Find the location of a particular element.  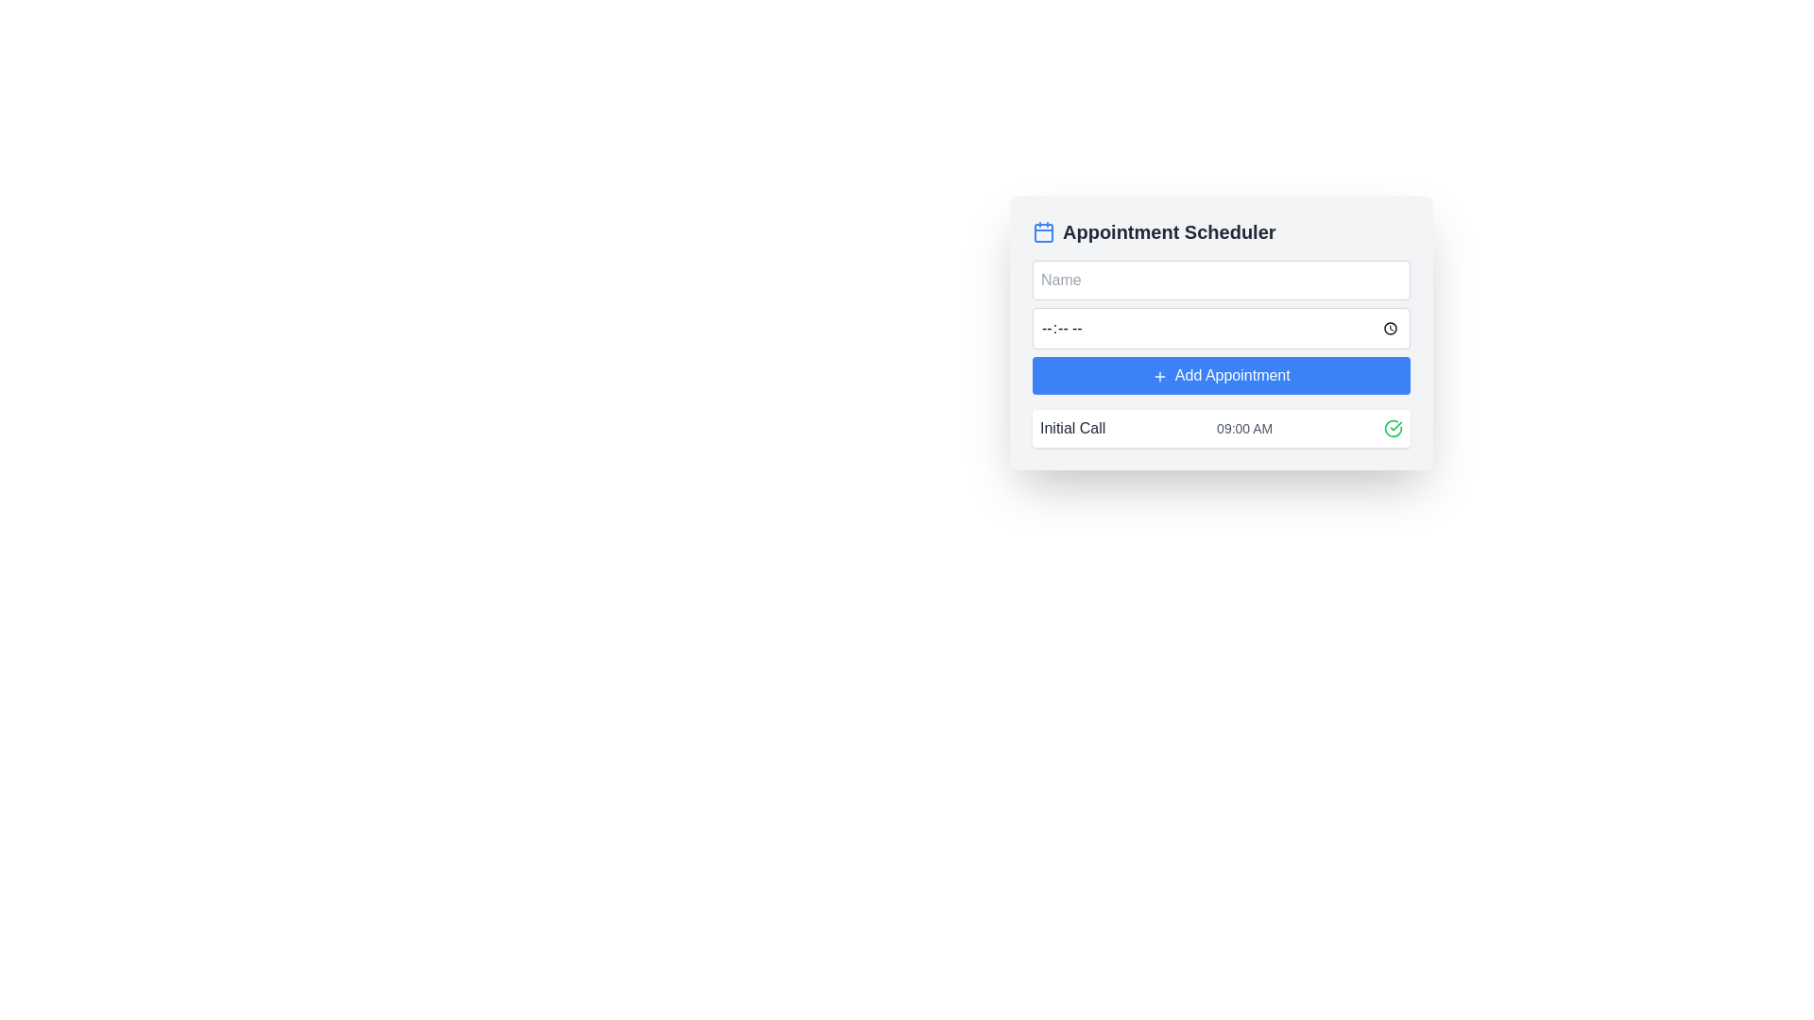

the Header element that features an icon and large bold text, located at the top of the card beneath its border is located at coordinates (1221, 231).